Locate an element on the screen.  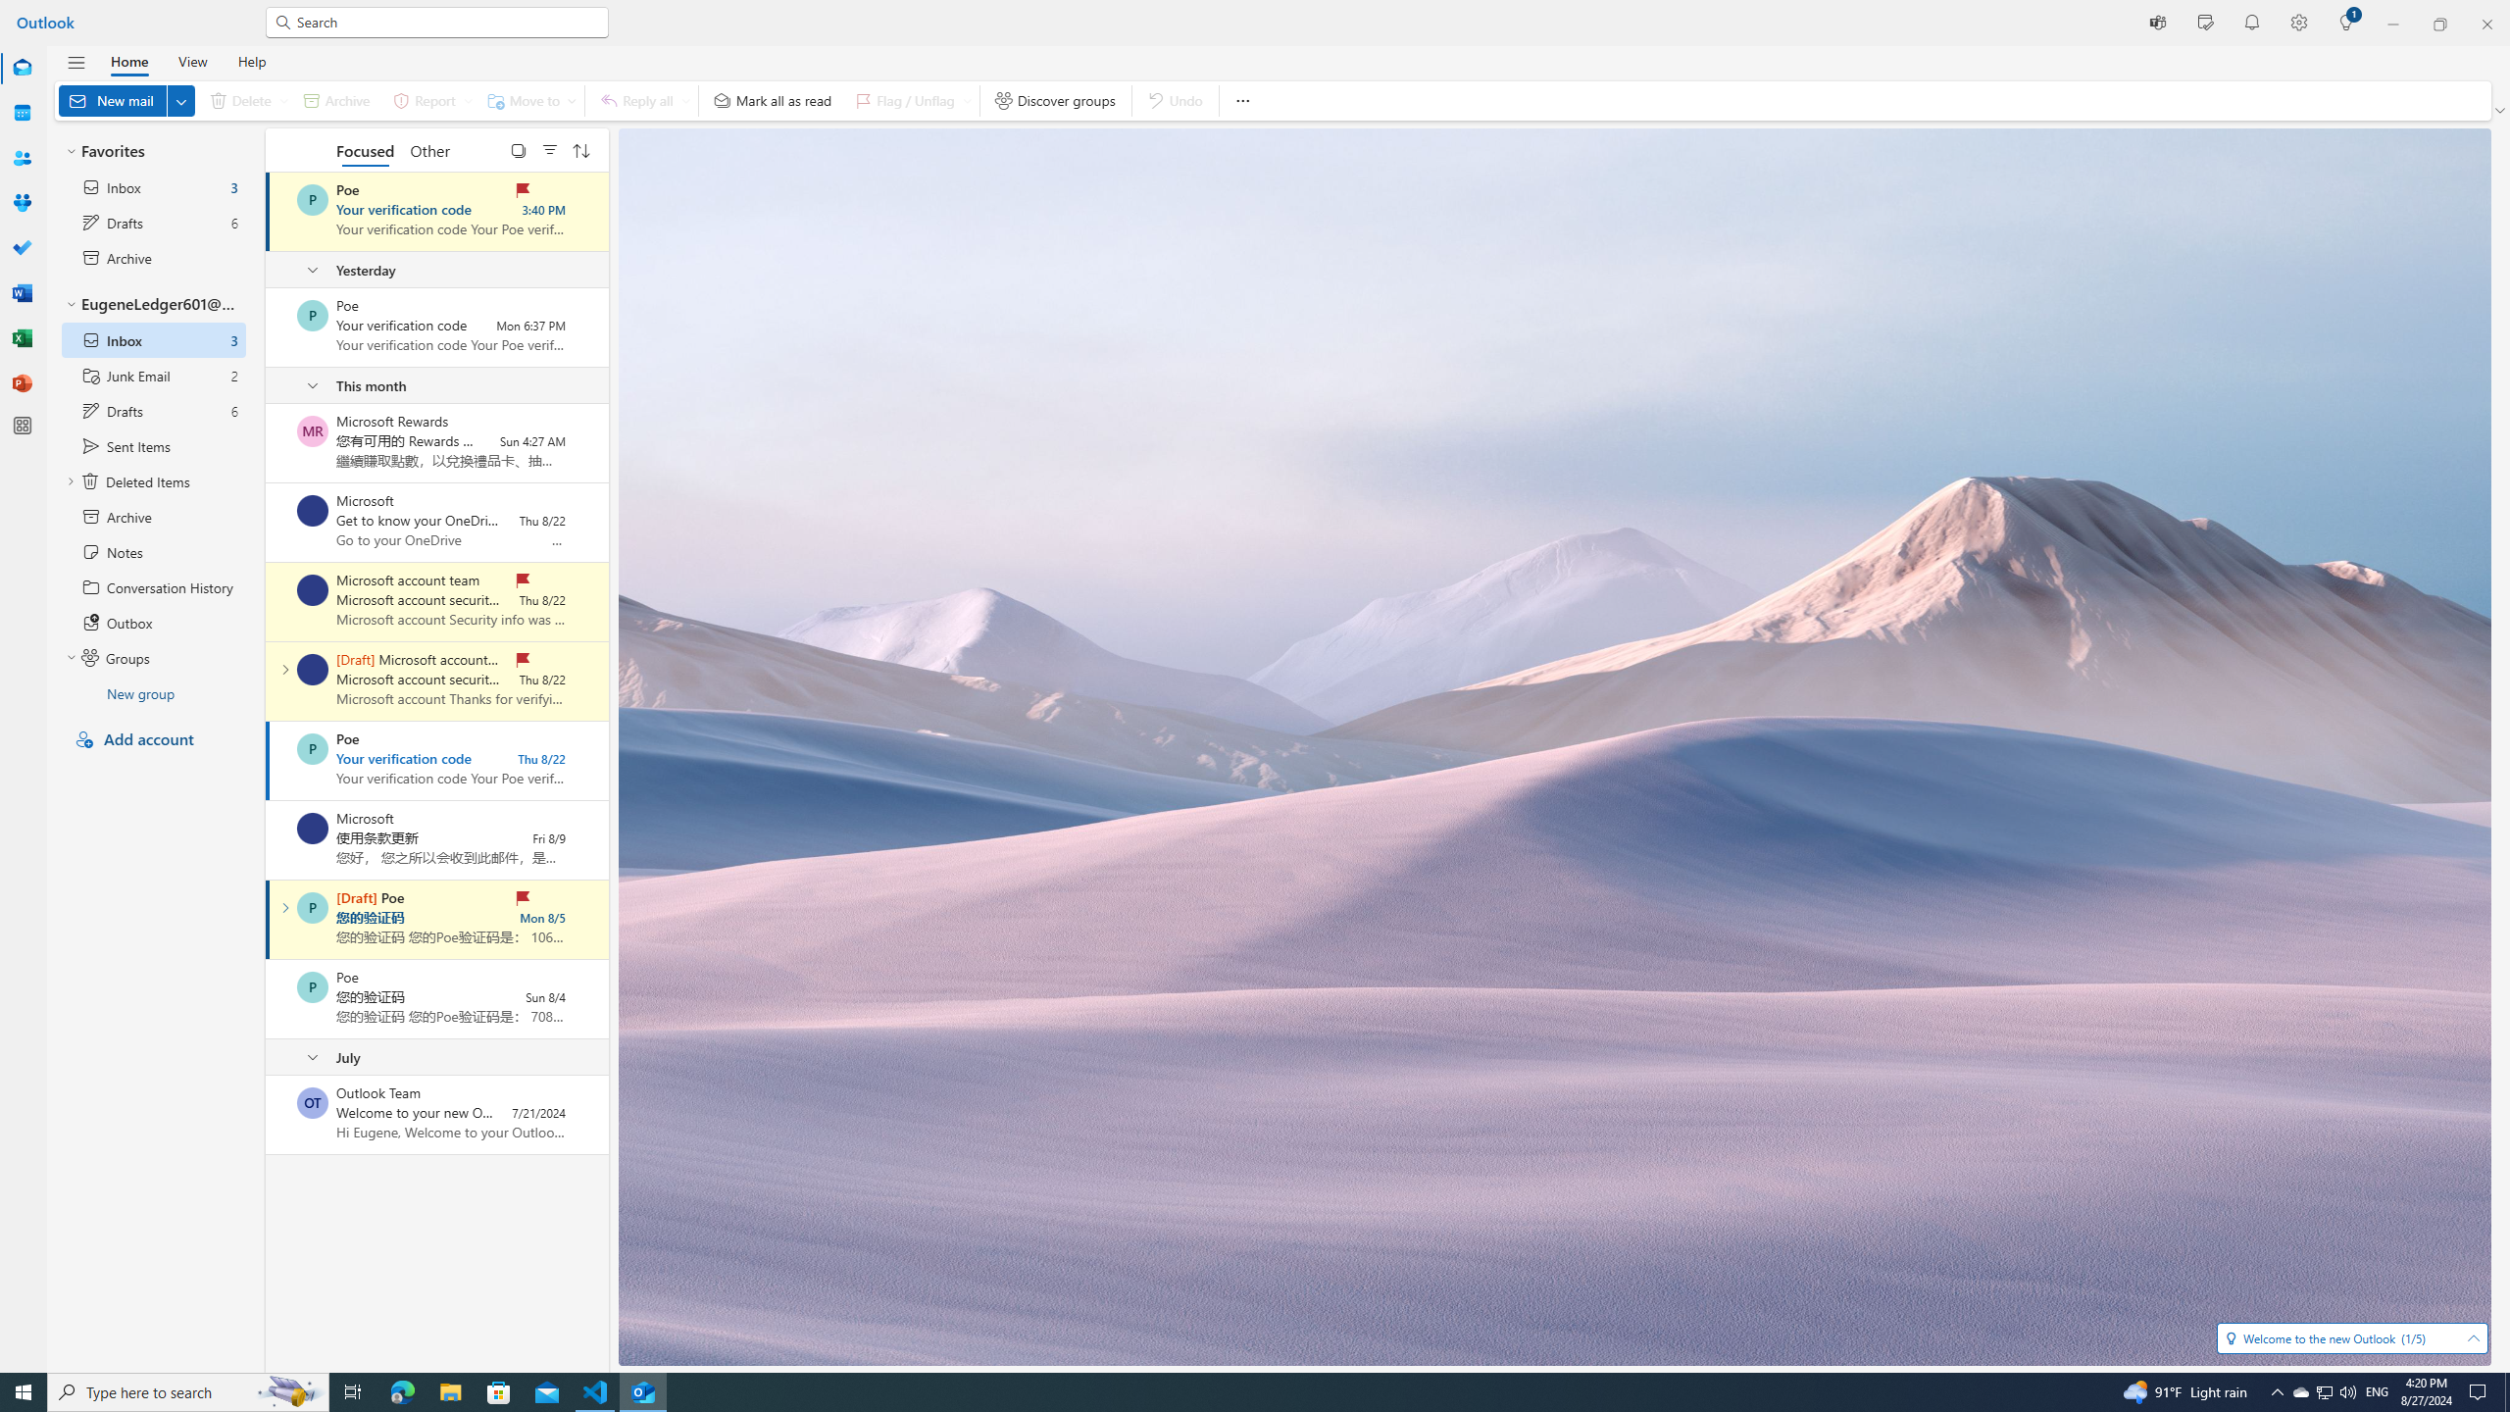
'Other' is located at coordinates (427, 150).